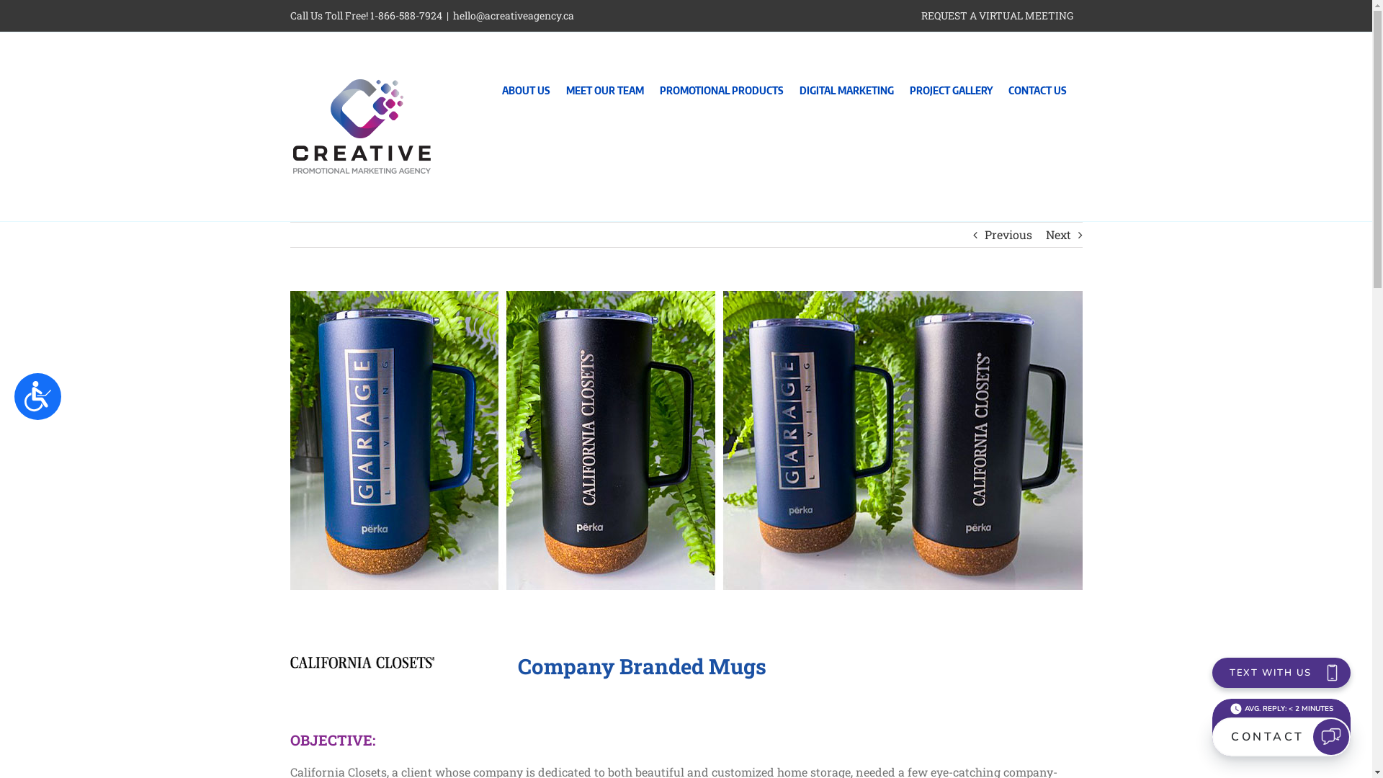 The height and width of the screenshot is (778, 1383). I want to click on '1-866-588-7924', so click(405, 15).